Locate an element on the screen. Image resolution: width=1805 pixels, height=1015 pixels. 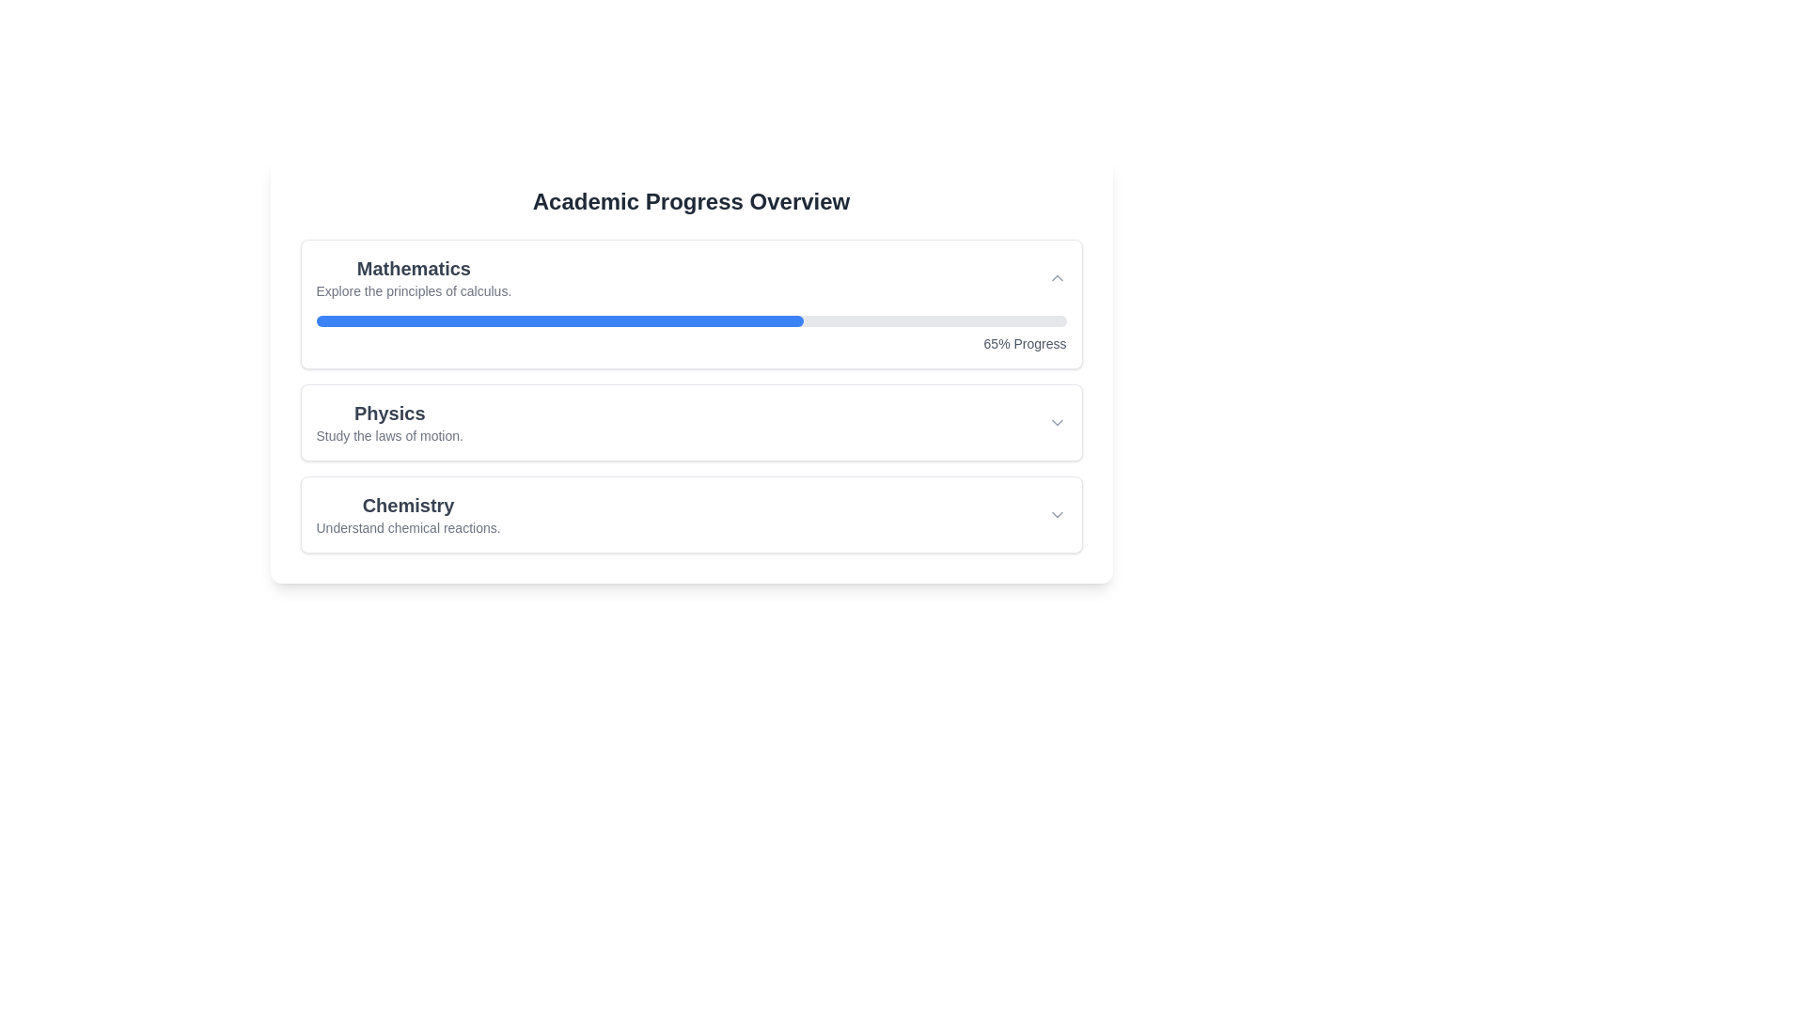
the 'Chemistry' section header, which is the third text block under 'Academic Progress Overview.' is located at coordinates (407, 514).